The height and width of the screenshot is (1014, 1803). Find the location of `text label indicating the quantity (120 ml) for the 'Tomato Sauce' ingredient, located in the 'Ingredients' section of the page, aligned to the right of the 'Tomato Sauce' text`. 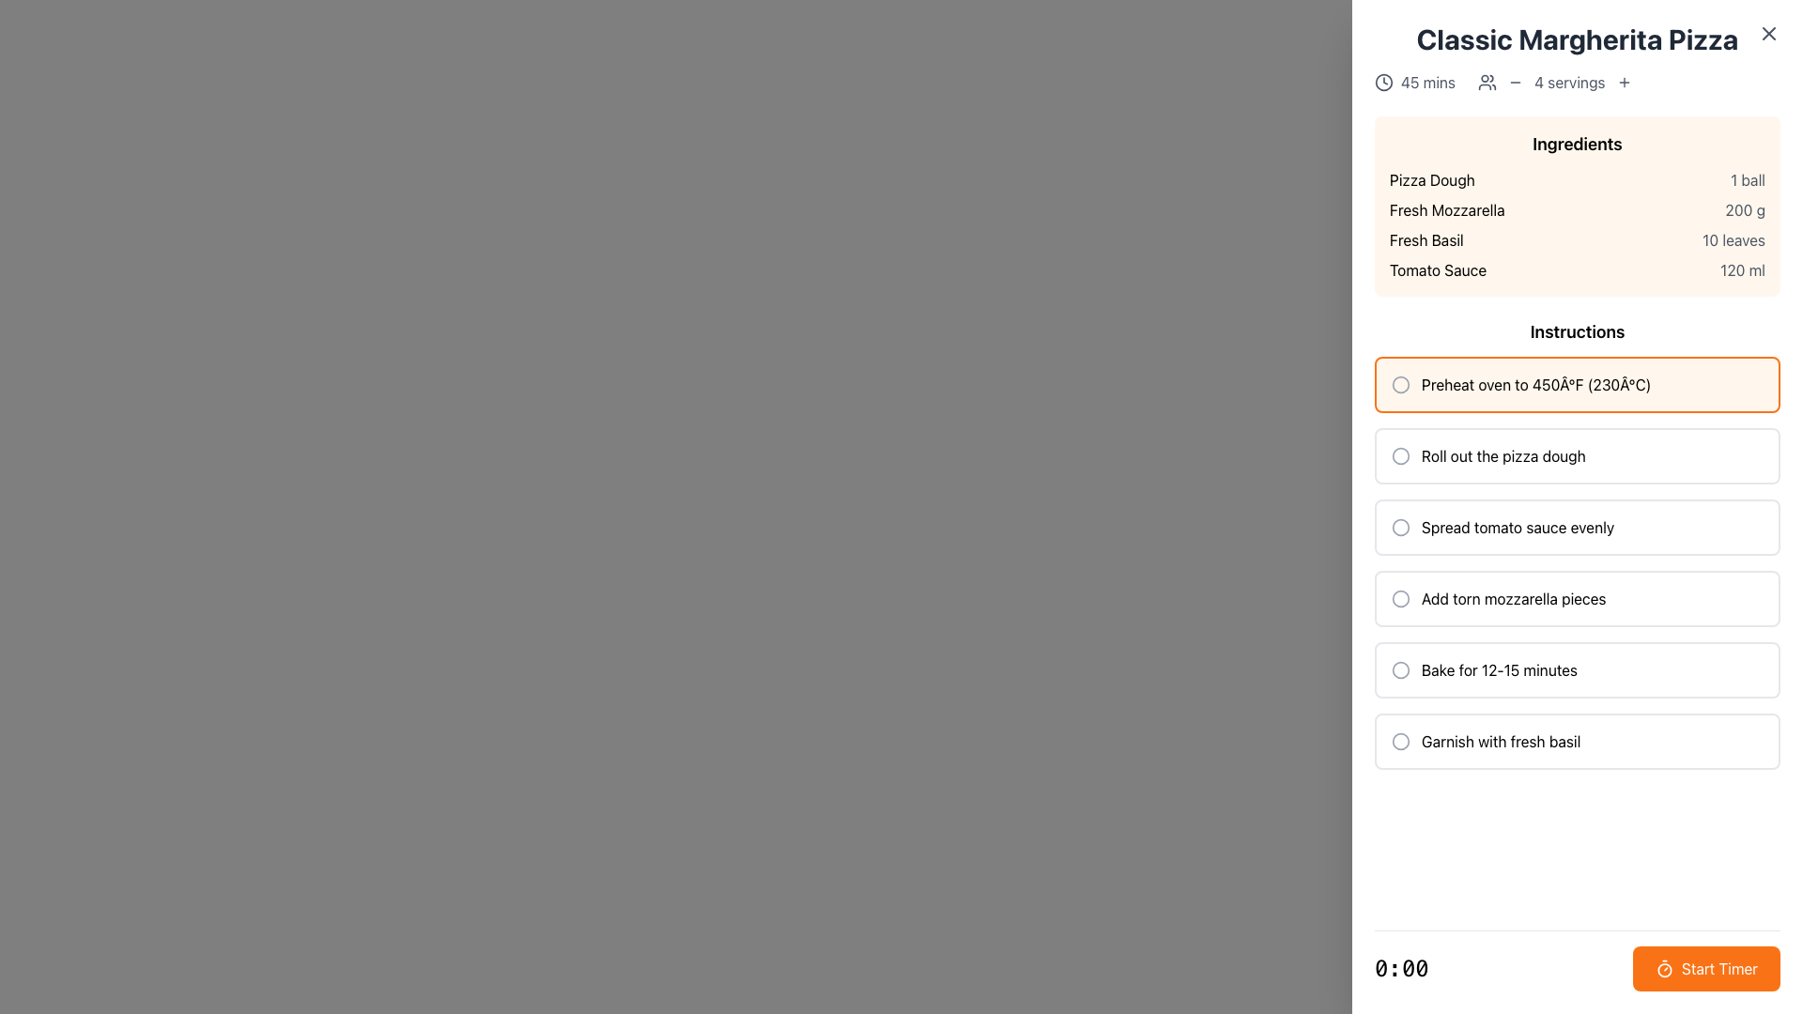

text label indicating the quantity (120 ml) for the 'Tomato Sauce' ingredient, located in the 'Ingredients' section of the page, aligned to the right of the 'Tomato Sauce' text is located at coordinates (1742, 270).